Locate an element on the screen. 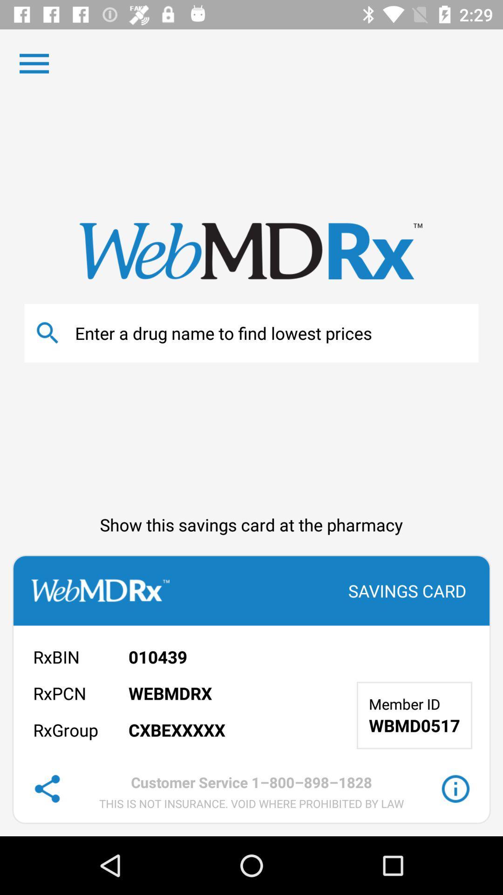 The image size is (503, 895). the info icon is located at coordinates (455, 788).